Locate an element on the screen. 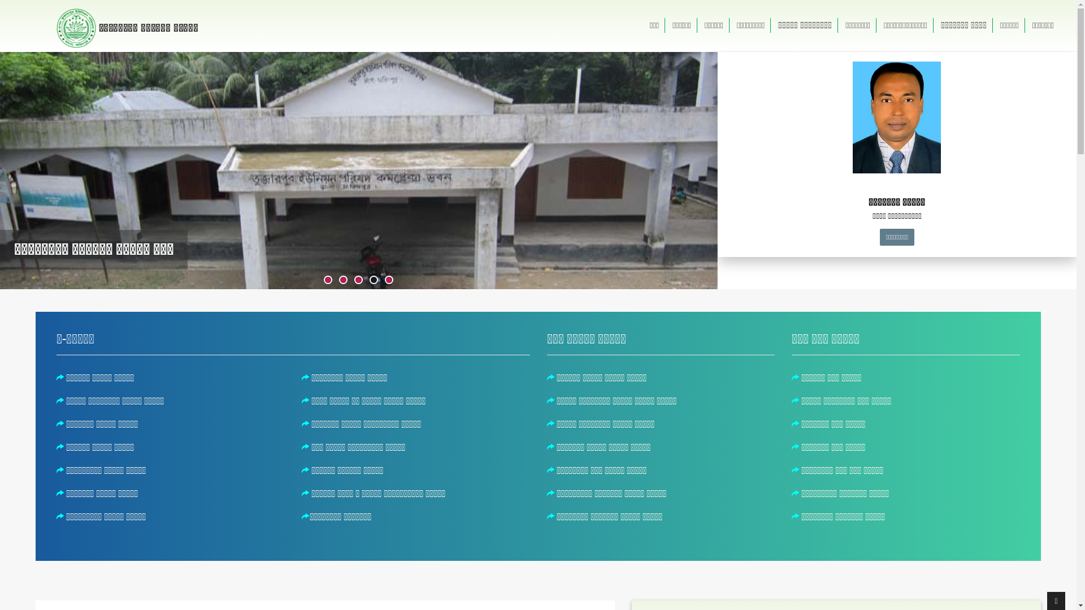 The image size is (1085, 610). '4' is located at coordinates (371, 280).